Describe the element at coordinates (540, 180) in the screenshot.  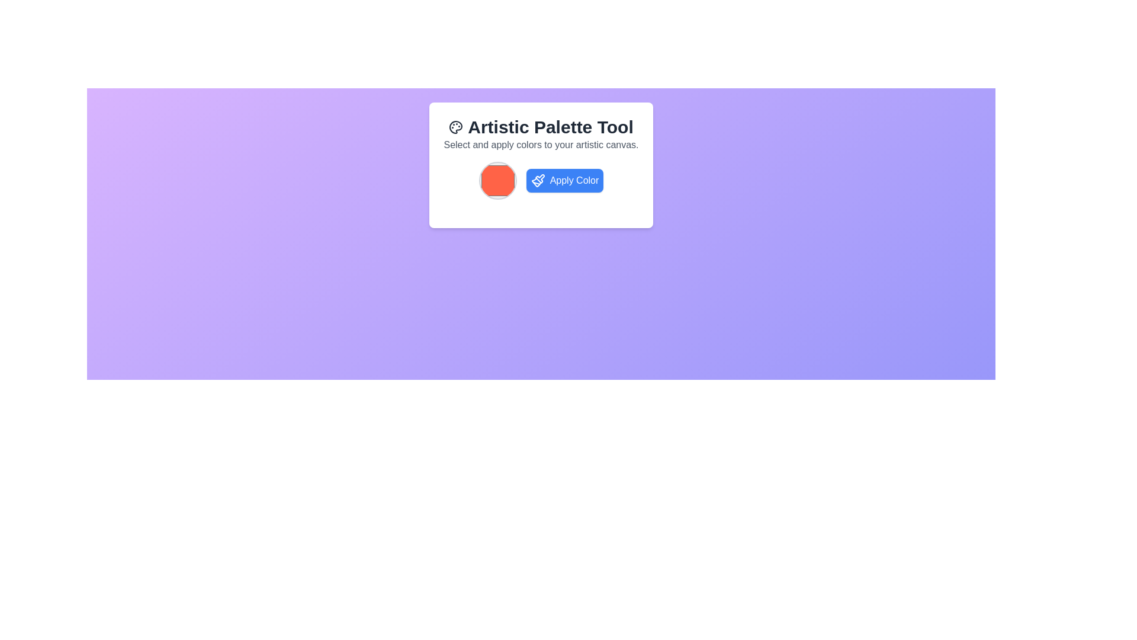
I see `the button located in the 'Artistic Palette Tool' card to apply the currently selected color` at that location.